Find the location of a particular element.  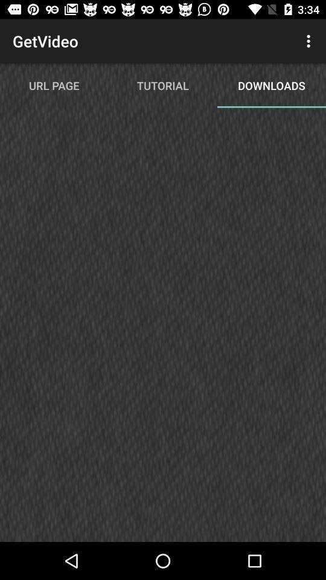

item next to tutorial item is located at coordinates (310, 41).